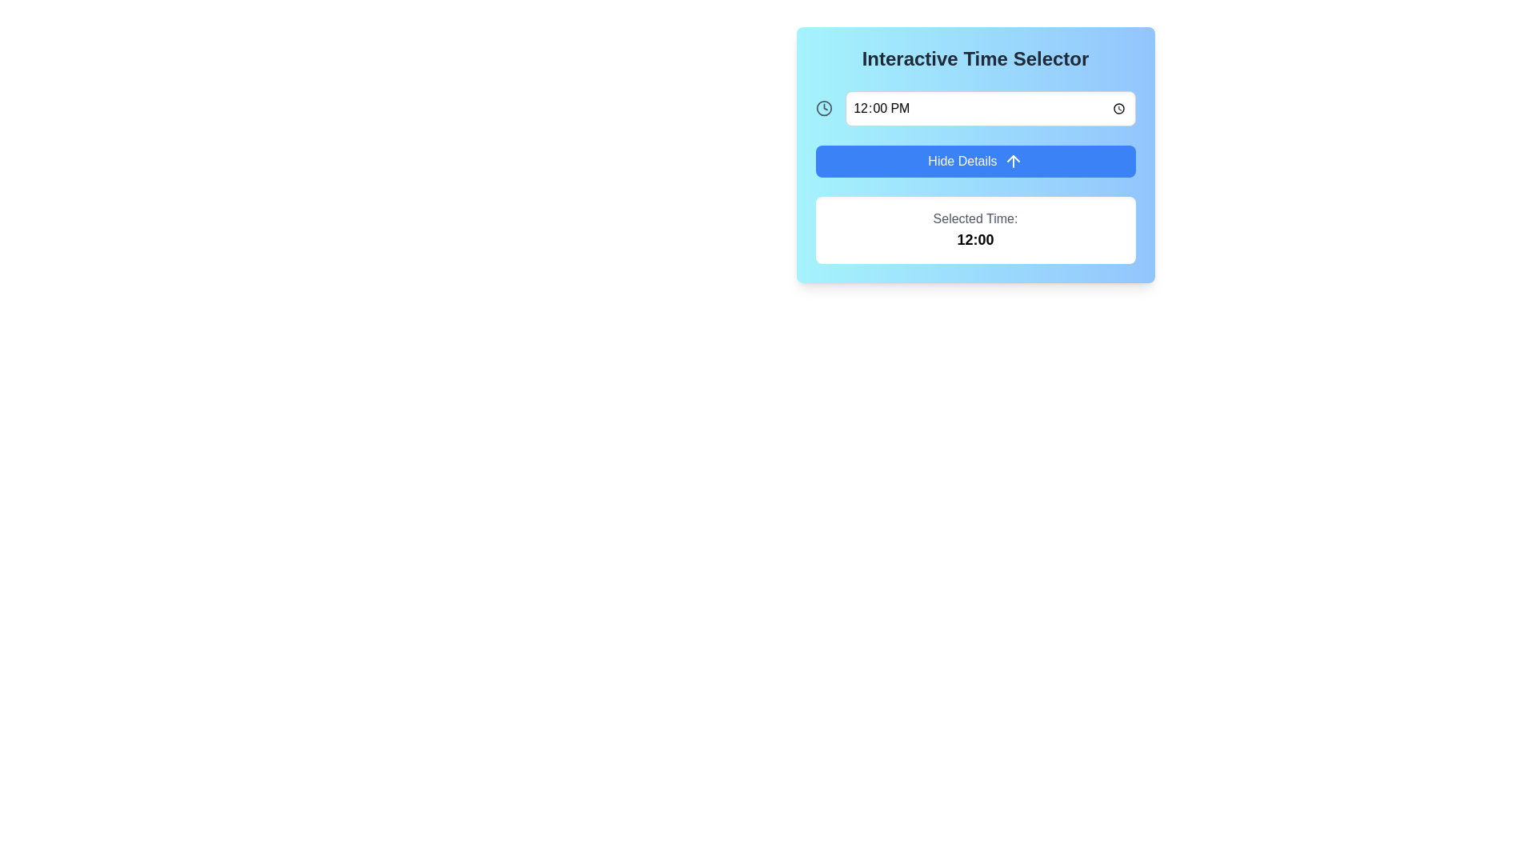 This screenshot has height=864, width=1536. Describe the element at coordinates (974, 161) in the screenshot. I see `the button that hides the details of the time selector panel to observe the style change` at that location.